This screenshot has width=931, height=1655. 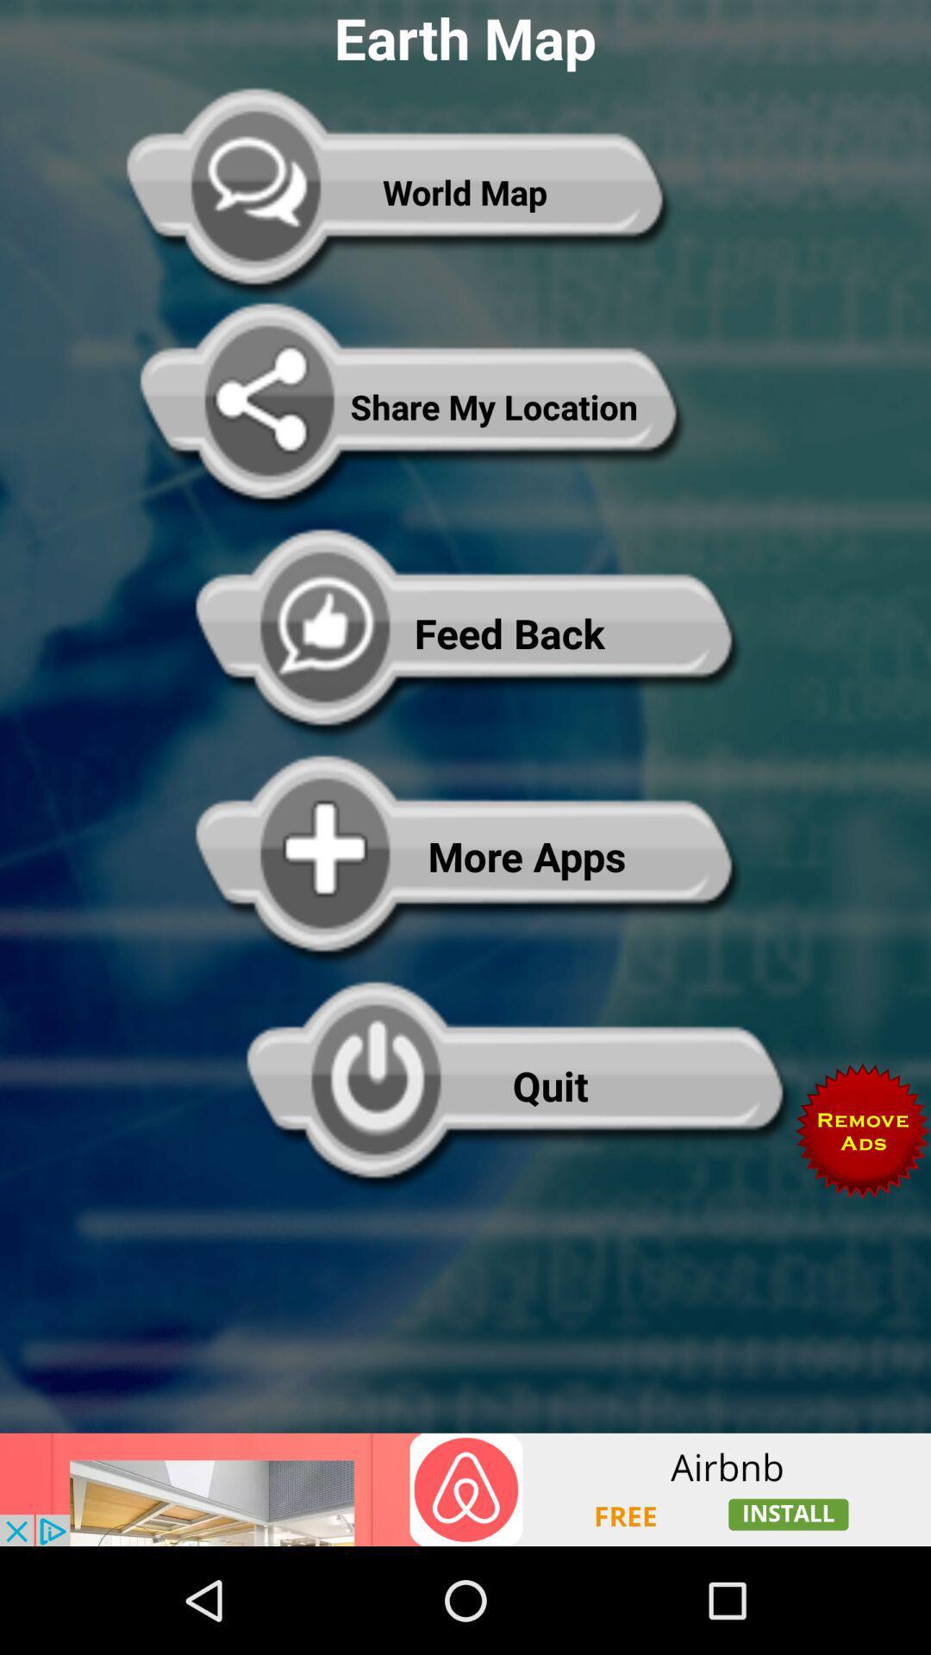 I want to click on advertising partner, so click(x=465, y=1489).